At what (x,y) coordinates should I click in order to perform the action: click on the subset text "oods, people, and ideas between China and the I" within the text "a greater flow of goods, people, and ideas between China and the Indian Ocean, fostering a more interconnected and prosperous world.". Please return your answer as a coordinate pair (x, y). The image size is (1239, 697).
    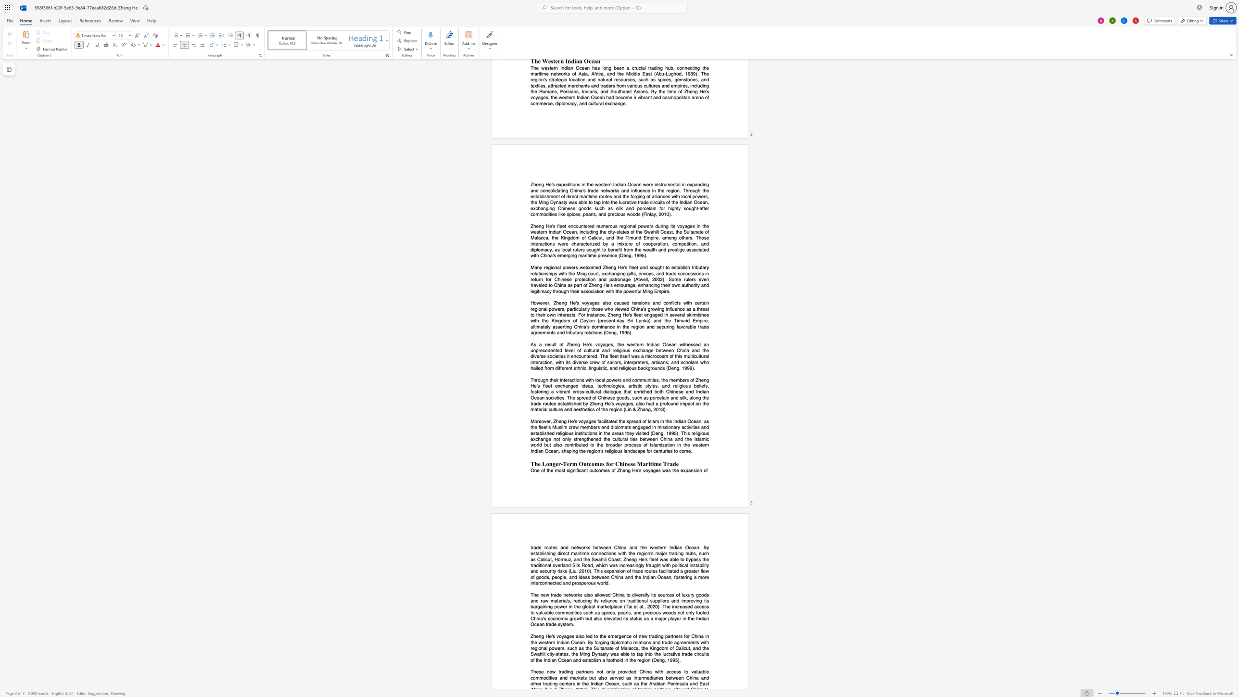
    Looking at the image, I should click on (539, 576).